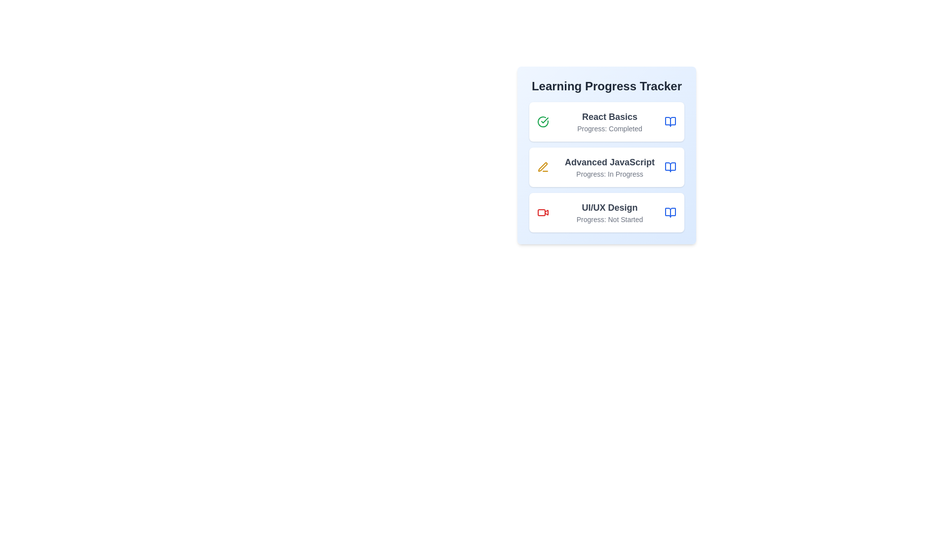 The height and width of the screenshot is (533, 948). I want to click on the progress icon for React Basics, so click(542, 121).